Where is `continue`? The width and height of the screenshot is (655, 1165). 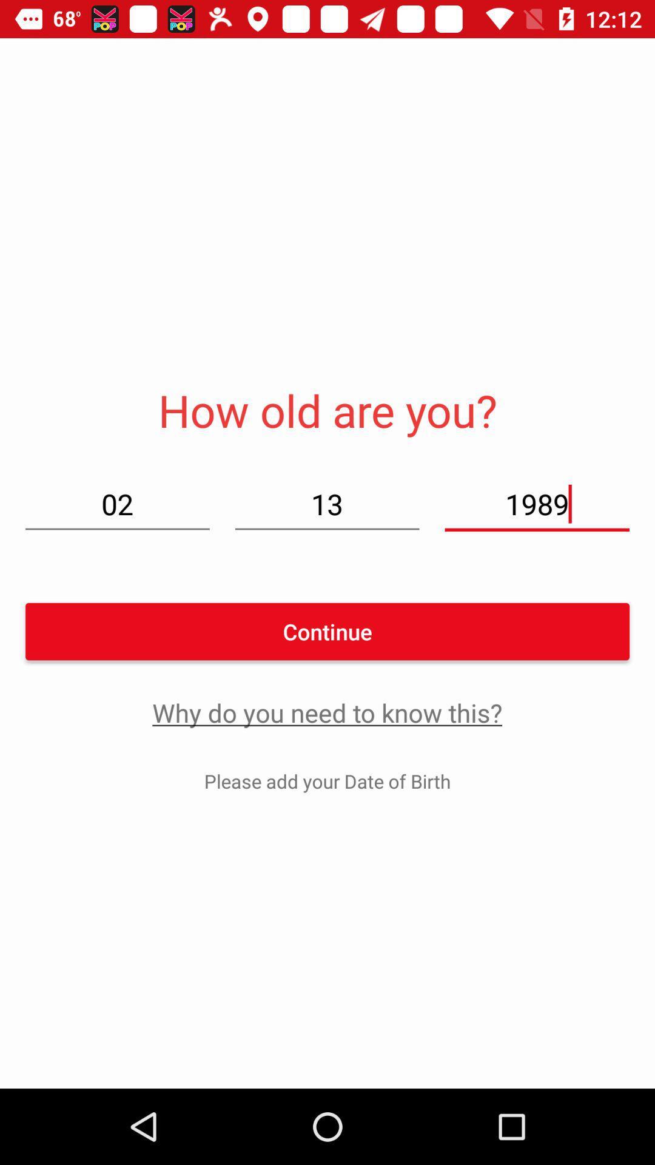
continue is located at coordinates (327, 631).